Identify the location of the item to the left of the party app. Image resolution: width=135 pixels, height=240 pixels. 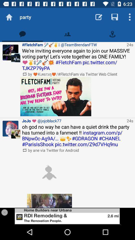
(9, 17).